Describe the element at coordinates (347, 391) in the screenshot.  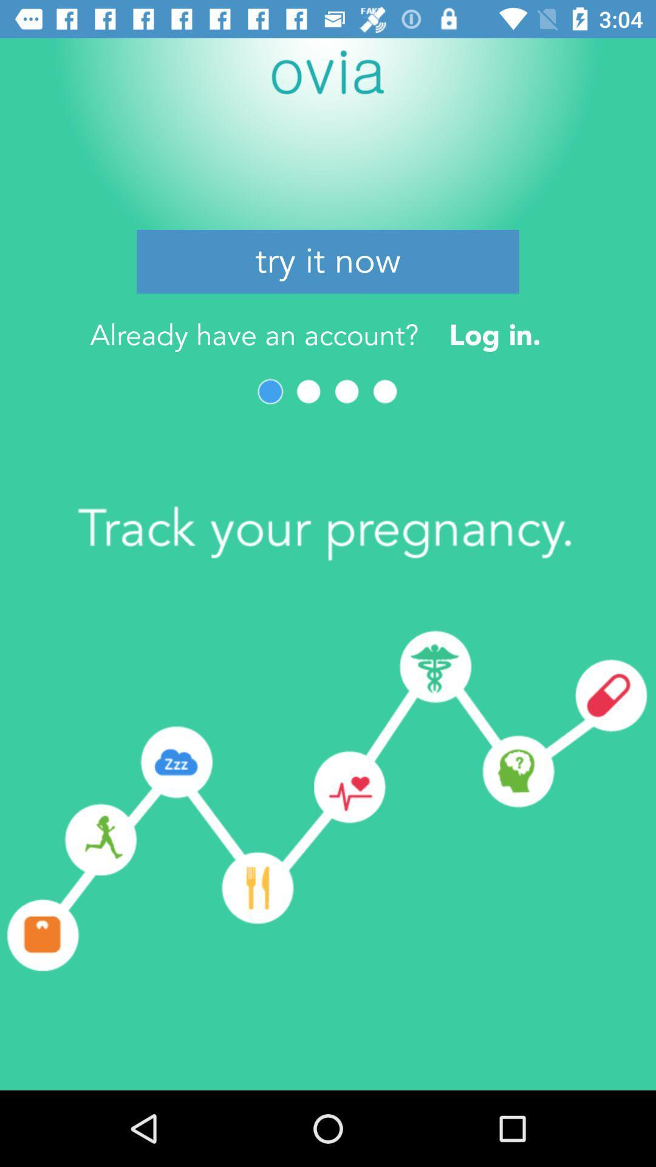
I see `the item below the already have an item` at that location.